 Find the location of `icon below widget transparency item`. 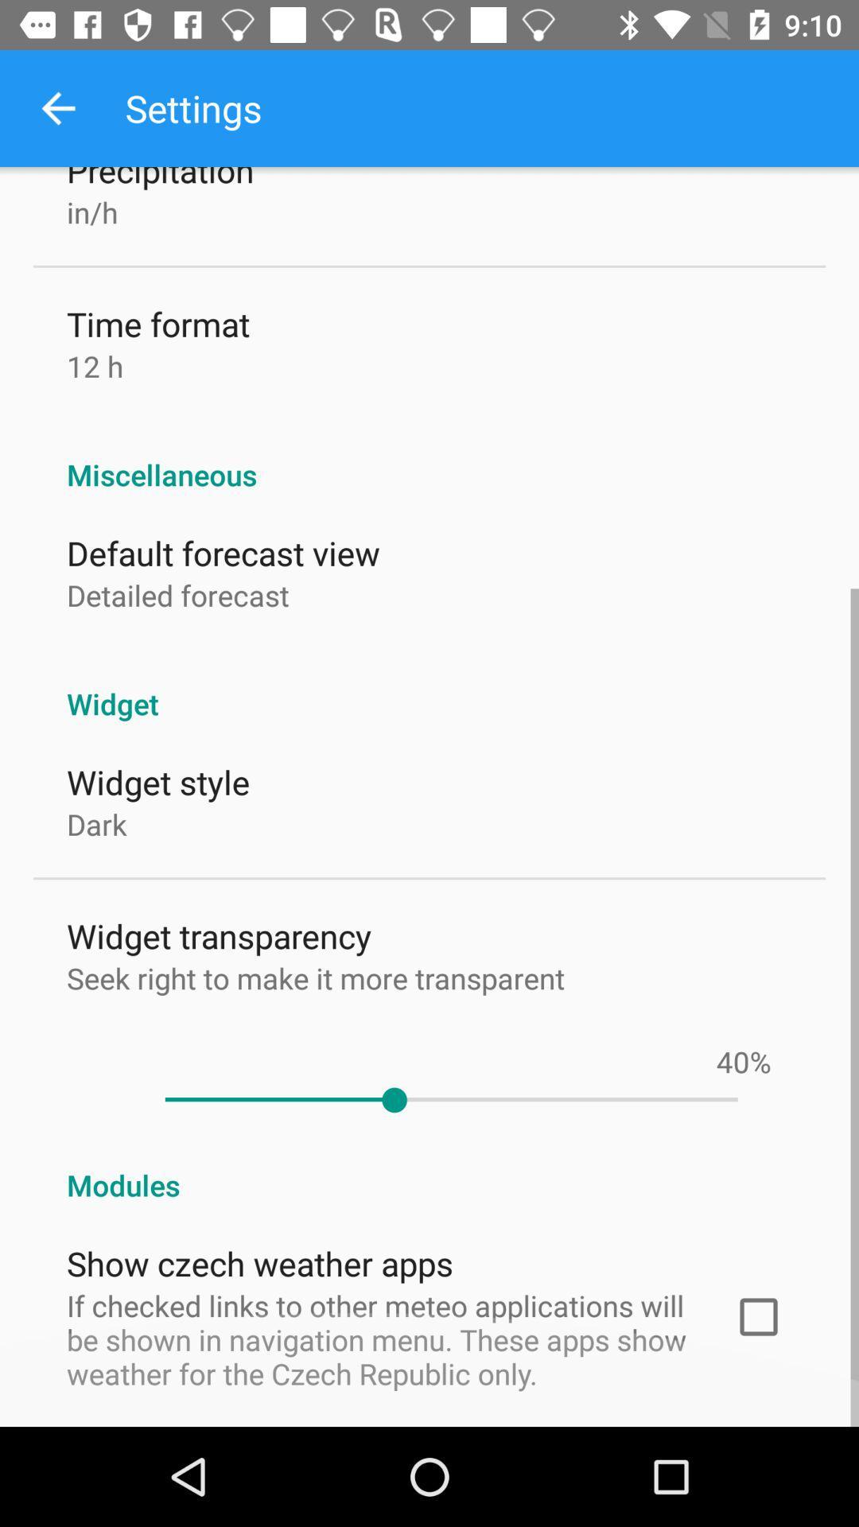

icon below widget transparency item is located at coordinates (316, 977).